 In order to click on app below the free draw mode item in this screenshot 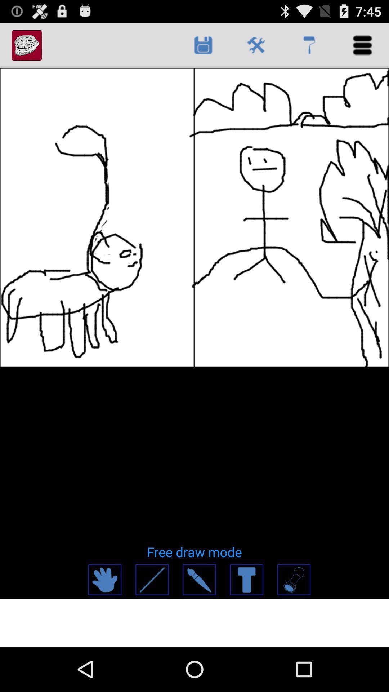, I will do `click(246, 580)`.